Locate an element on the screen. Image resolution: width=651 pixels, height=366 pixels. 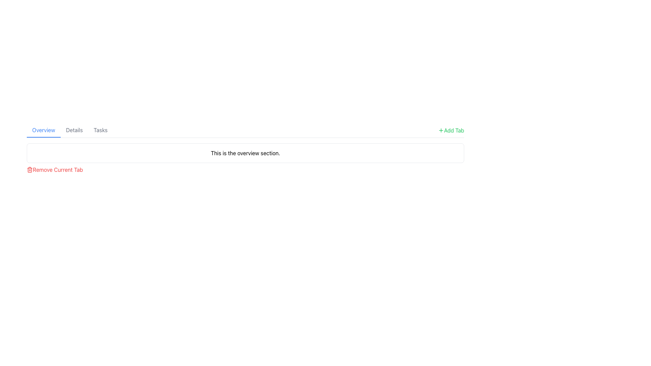
the Static Information Block that displays context or instructions about the overview section, located centrally below the navigation options is located at coordinates (245, 158).